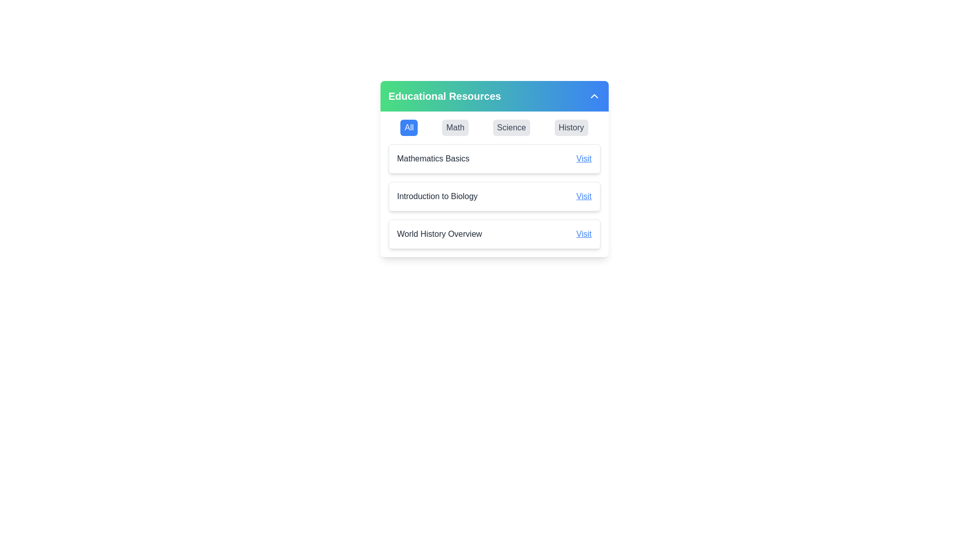 This screenshot has height=550, width=978. What do you see at coordinates (409, 127) in the screenshot?
I see `the 'All' button with rounded corners and a blue background` at bounding box center [409, 127].